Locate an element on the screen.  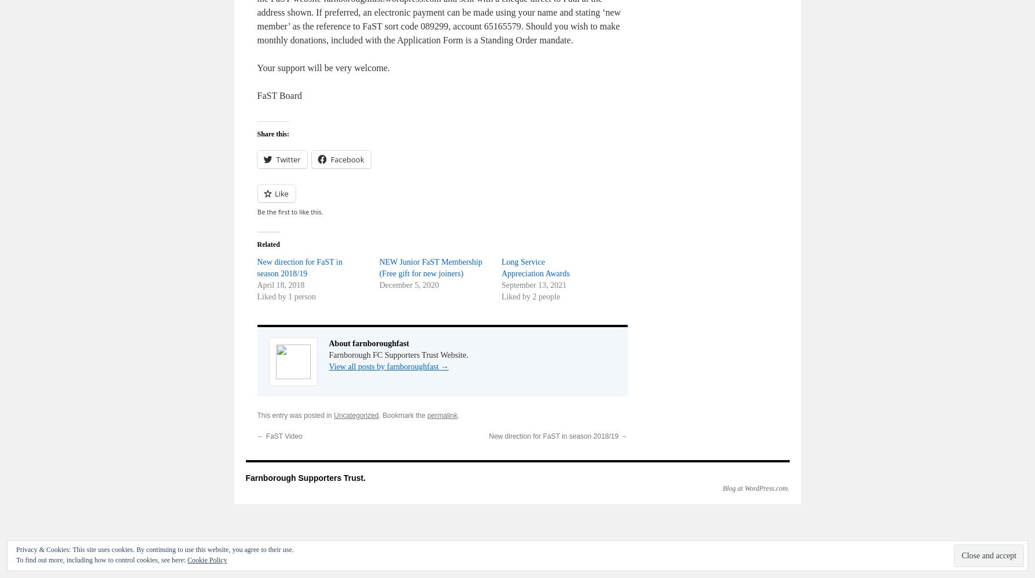
'To find out more, including how to control cookies, see here:' is located at coordinates (102, 560).